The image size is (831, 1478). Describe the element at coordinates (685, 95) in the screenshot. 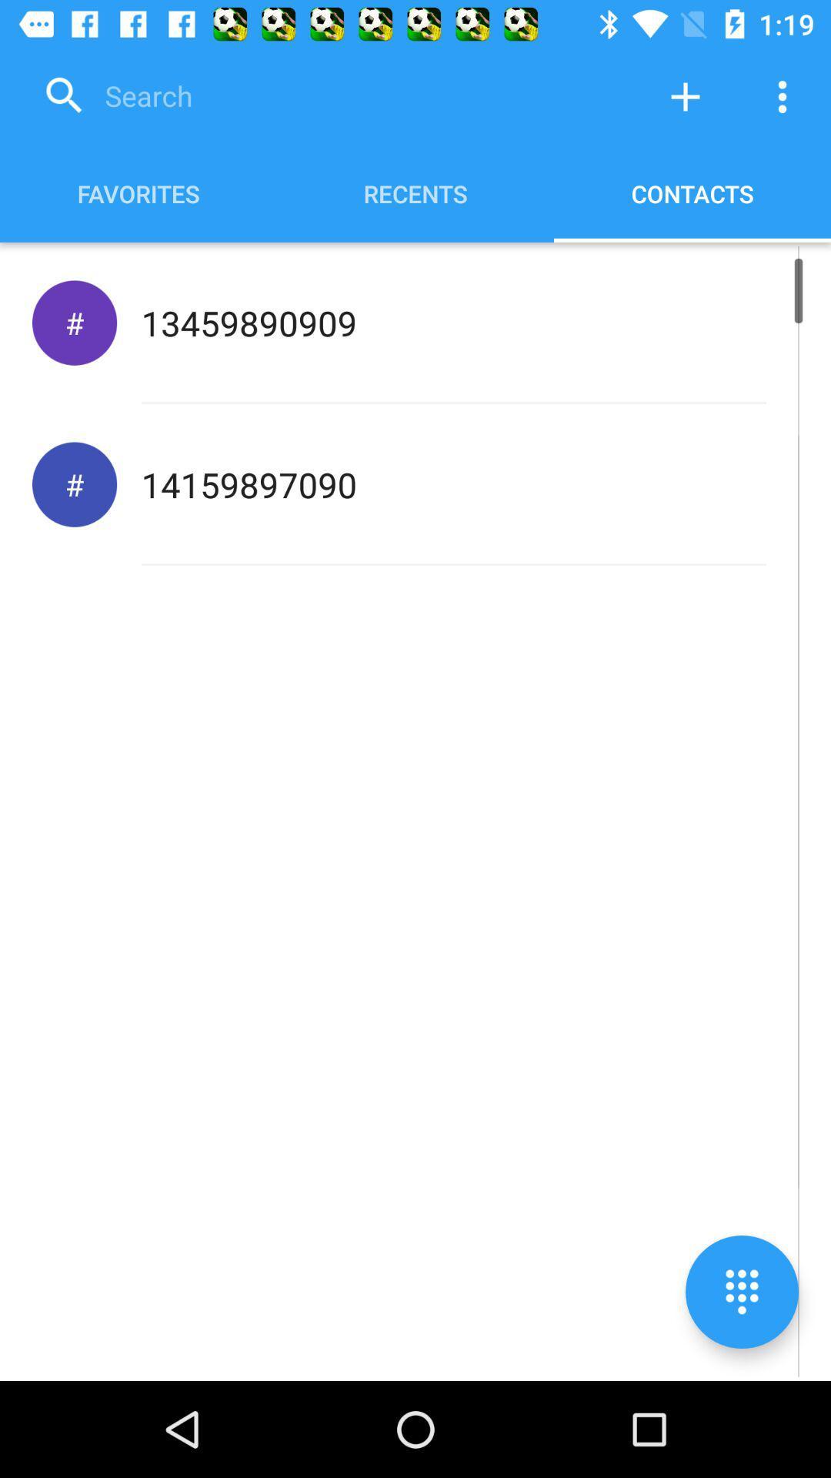

I see `a contact` at that location.